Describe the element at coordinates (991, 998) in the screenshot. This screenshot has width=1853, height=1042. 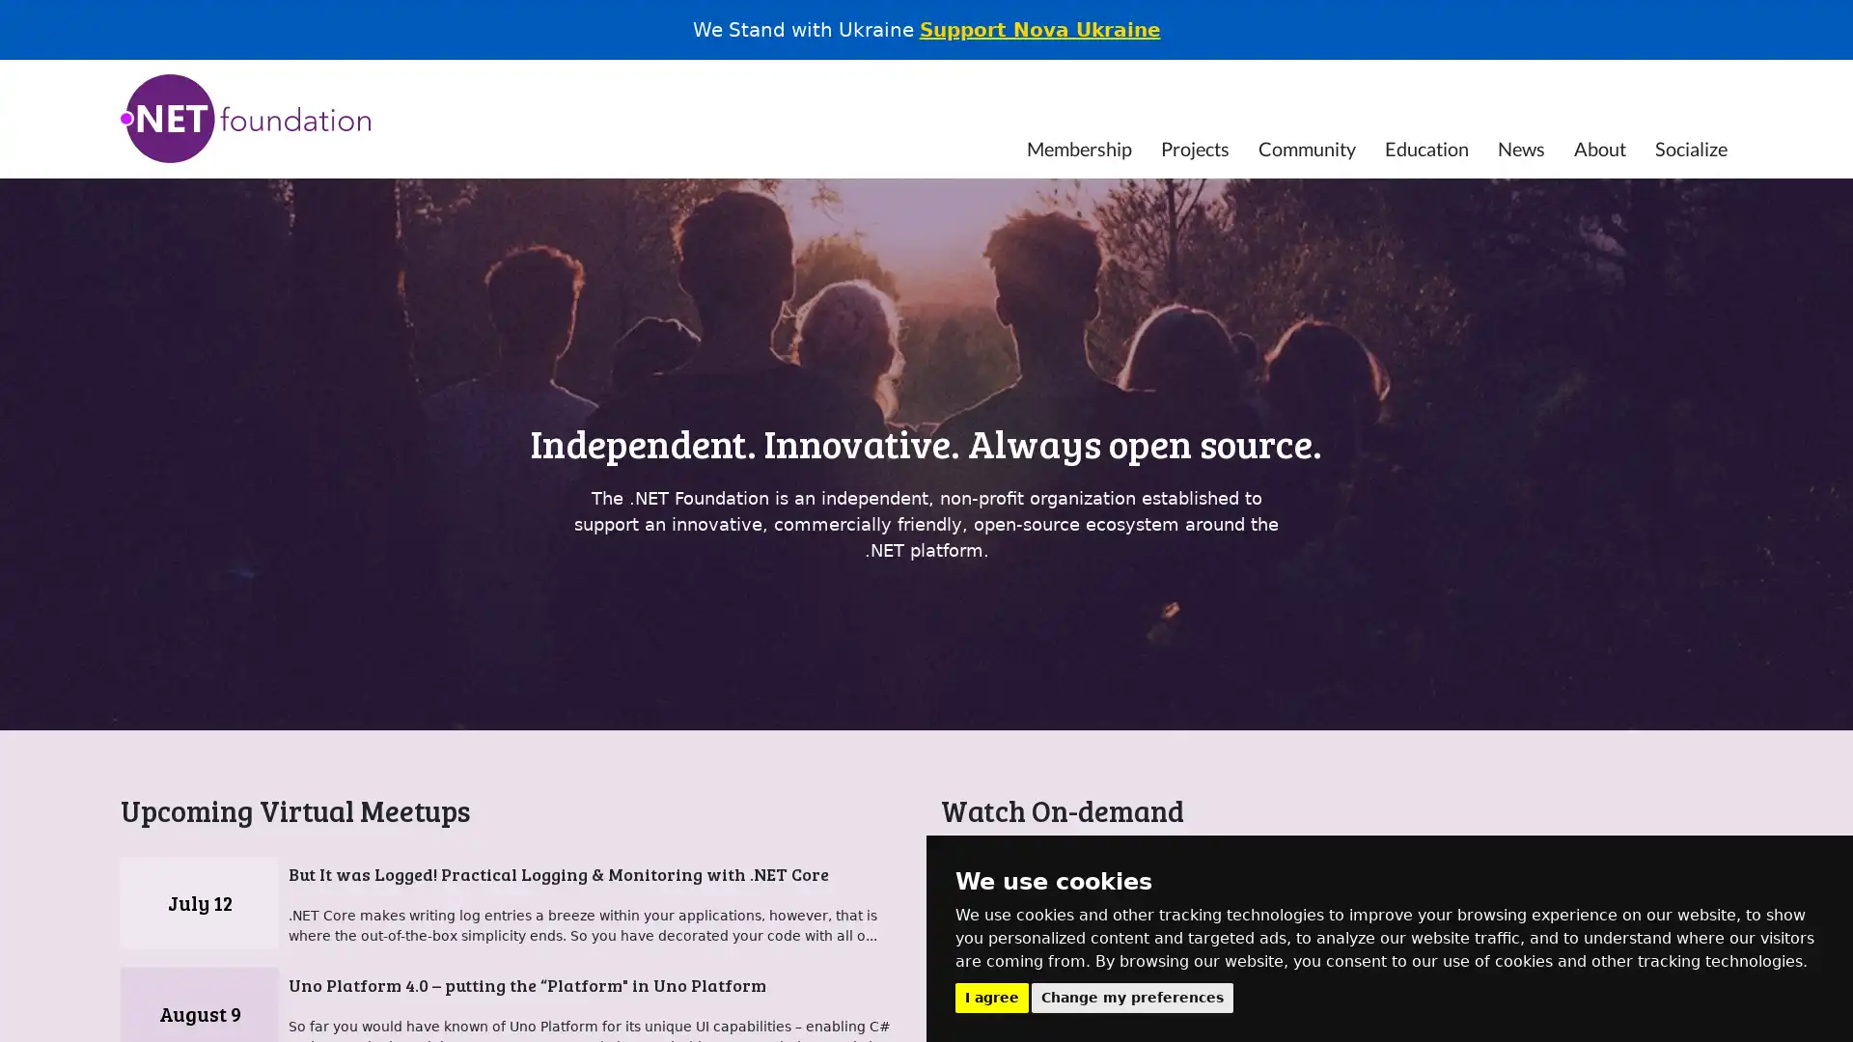
I see `I agree` at that location.